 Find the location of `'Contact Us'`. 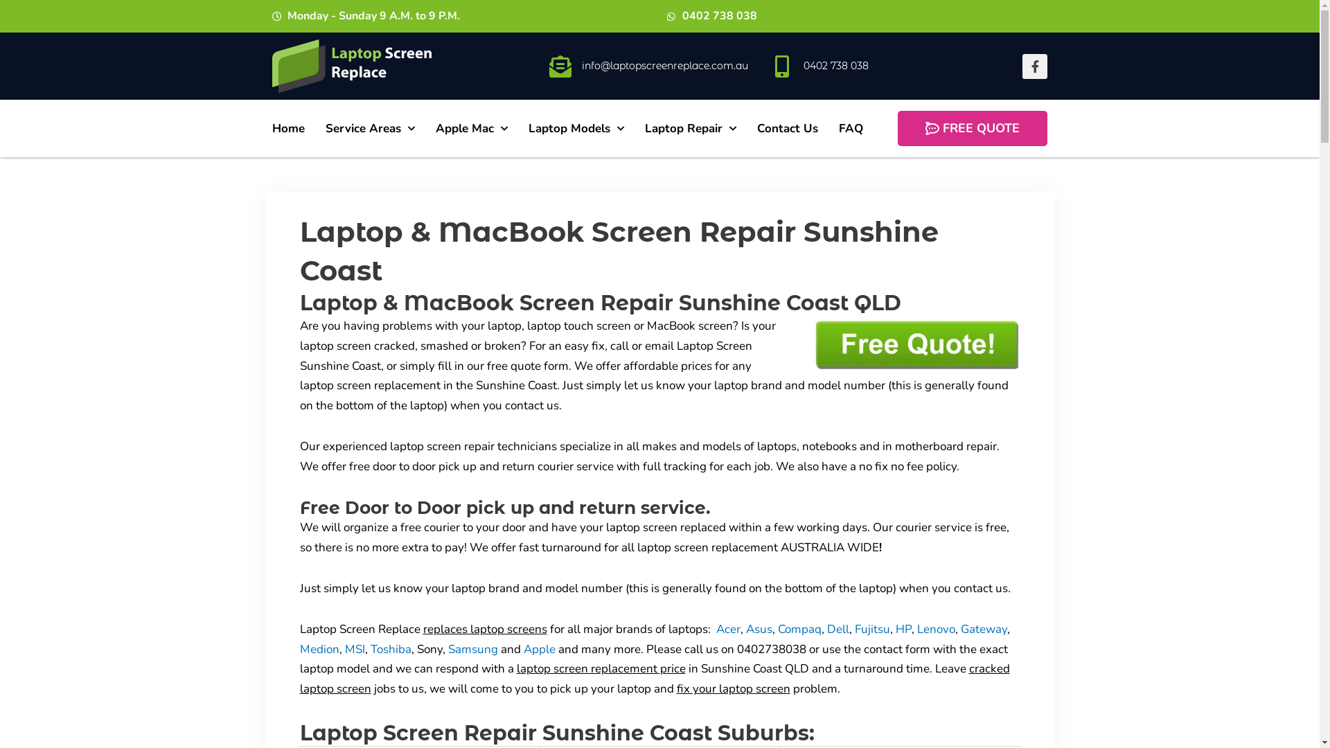

'Contact Us' is located at coordinates (787, 128).